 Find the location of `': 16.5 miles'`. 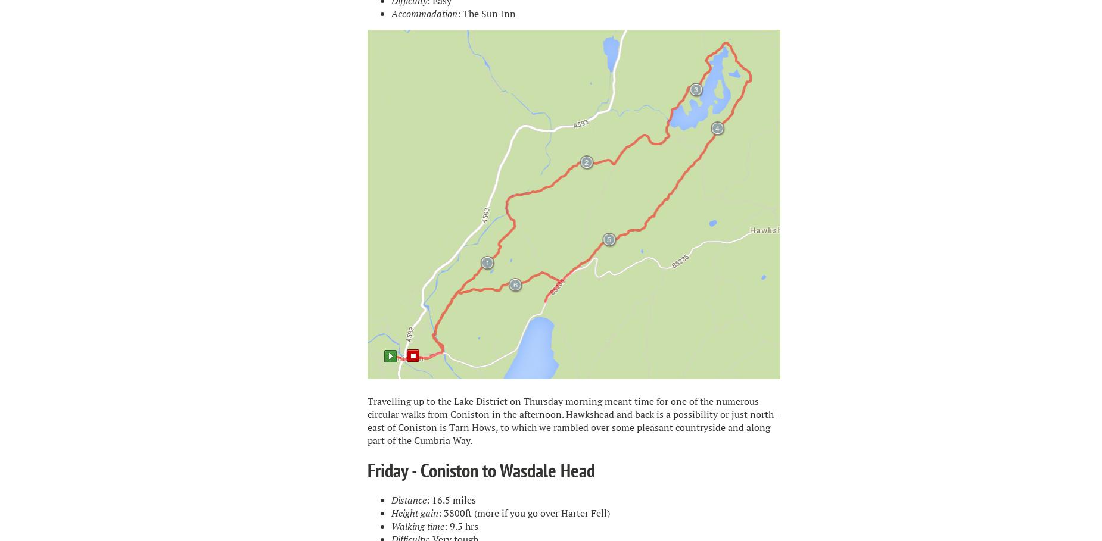

': 16.5 miles' is located at coordinates (426, 499).